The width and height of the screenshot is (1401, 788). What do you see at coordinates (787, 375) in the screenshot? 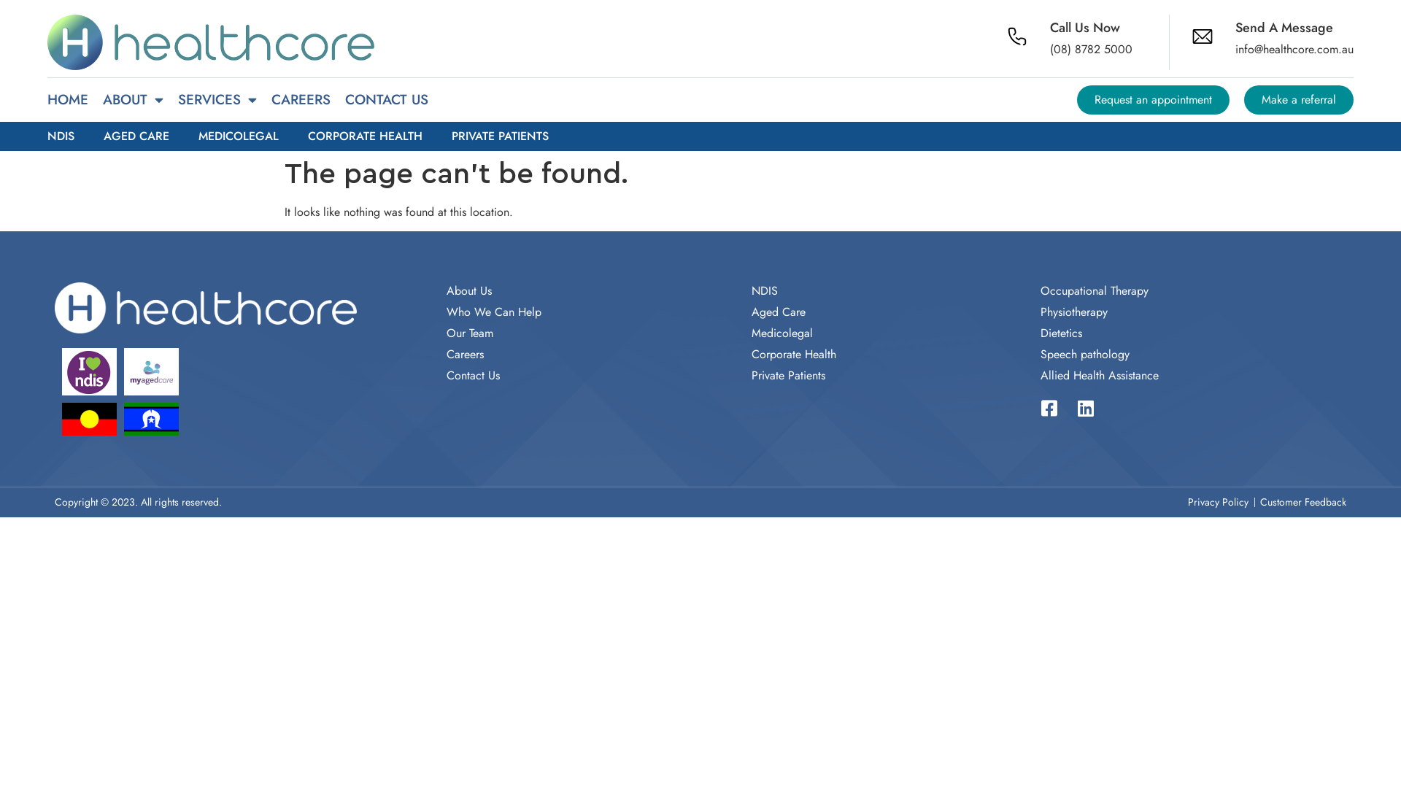
I see `'Private Patients'` at bounding box center [787, 375].